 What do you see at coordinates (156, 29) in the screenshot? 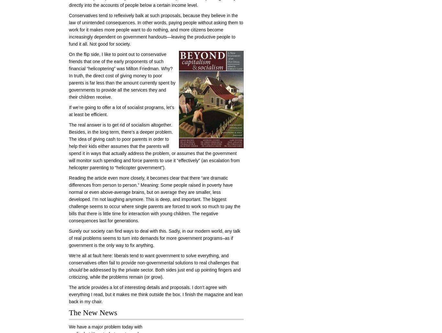
I see `'Conservatives tend to reflexively balk at such proposals, because they believe in the law of unintended consequences. In other words, paying people without asking them to work for it makes more people want to do nothing, and more citizens become increasingly dependent on government handouts—leaving the productive people to fund it all. Not good for society.'` at bounding box center [156, 29].